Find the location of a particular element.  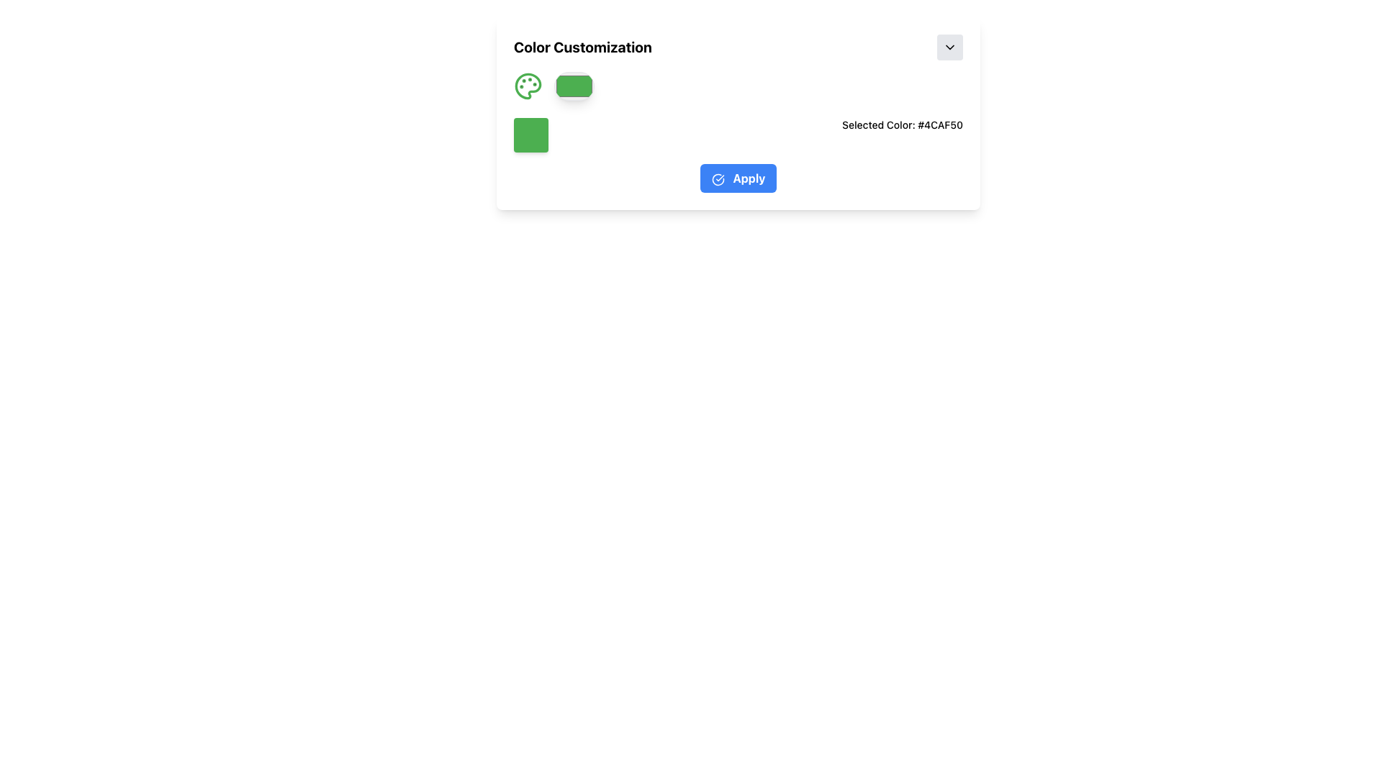

the color customization icon located in the top-left portion of the 'Color Customization' section, which is positioned to the left of a rounded rectangular color display box and above a square-shaped color tile is located at coordinates (528, 86).